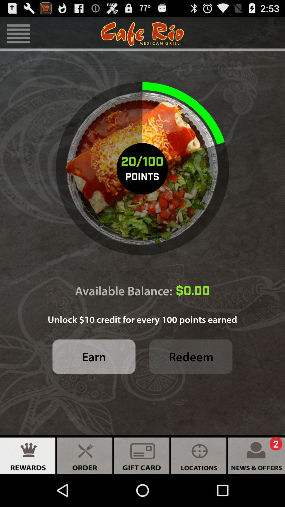 This screenshot has width=285, height=507. What do you see at coordinates (94, 357) in the screenshot?
I see `the icon below unlock 10 credit` at bounding box center [94, 357].